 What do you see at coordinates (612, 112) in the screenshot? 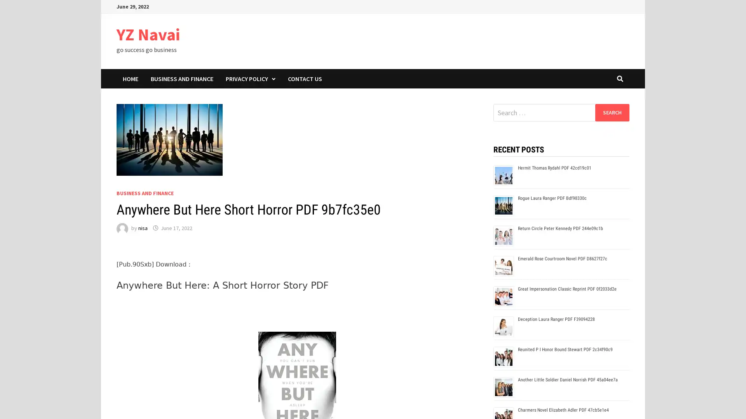
I see `Search` at bounding box center [612, 112].